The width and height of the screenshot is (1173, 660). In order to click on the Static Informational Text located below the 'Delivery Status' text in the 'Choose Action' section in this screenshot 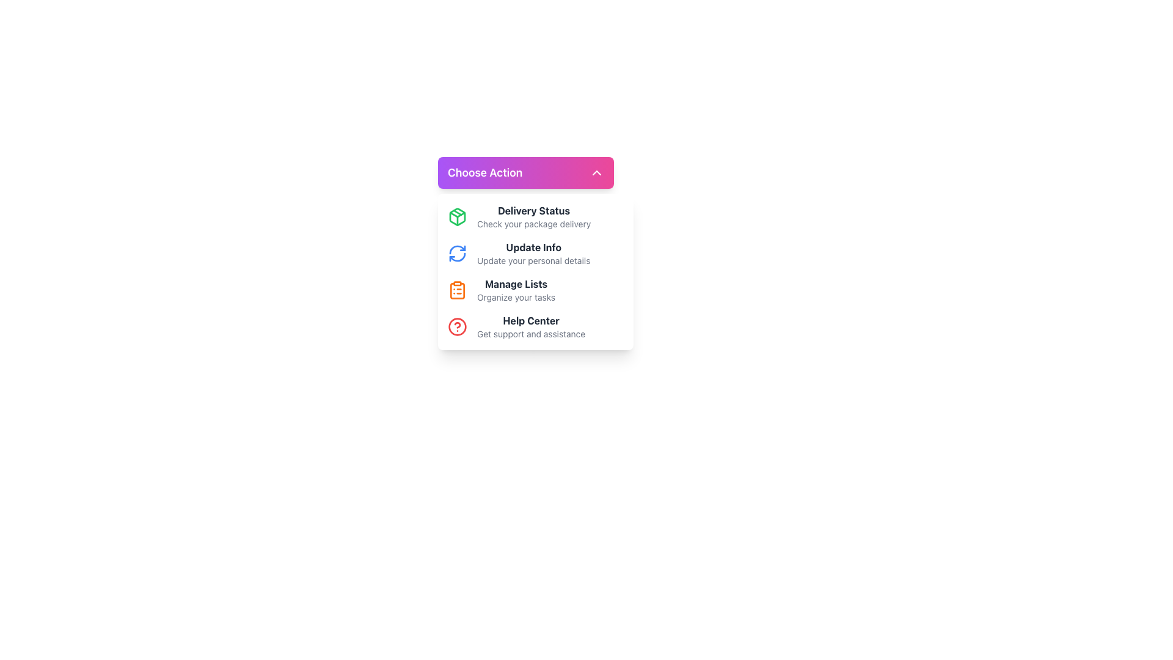, I will do `click(534, 224)`.